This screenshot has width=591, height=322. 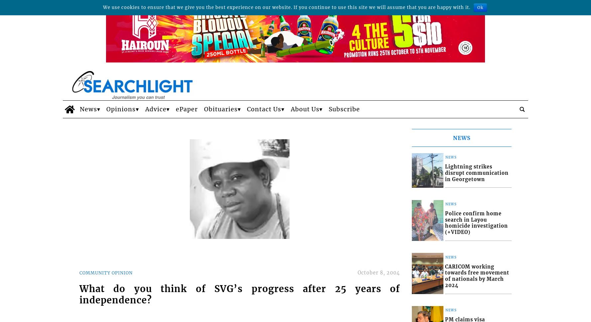 What do you see at coordinates (477, 276) in the screenshot?
I see `'CARICOM working towards free movement of nationals by March 2024'` at bounding box center [477, 276].